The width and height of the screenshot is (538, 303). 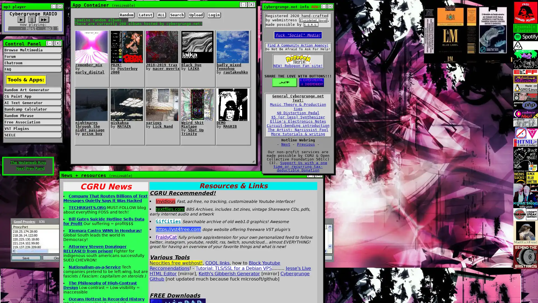 I want to click on Browse Multimedia, so click(x=32, y=50).